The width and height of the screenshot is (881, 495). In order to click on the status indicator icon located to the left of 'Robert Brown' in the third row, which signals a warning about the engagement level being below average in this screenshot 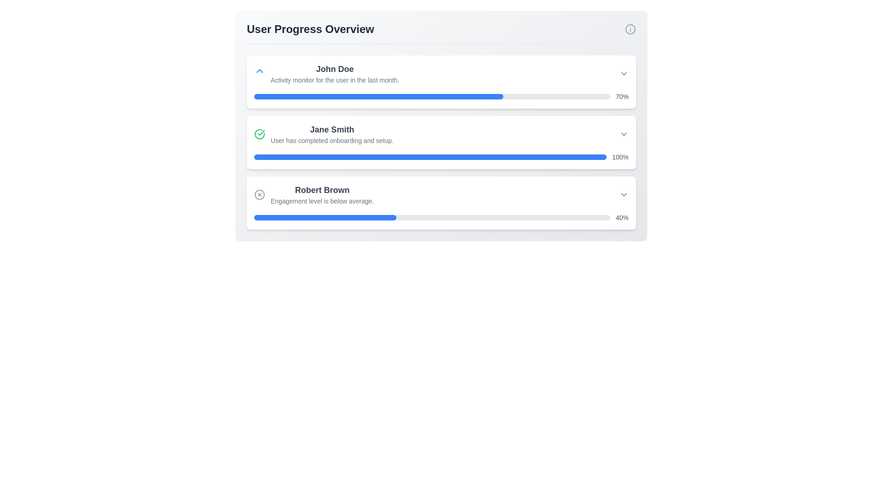, I will do `click(259, 194)`.